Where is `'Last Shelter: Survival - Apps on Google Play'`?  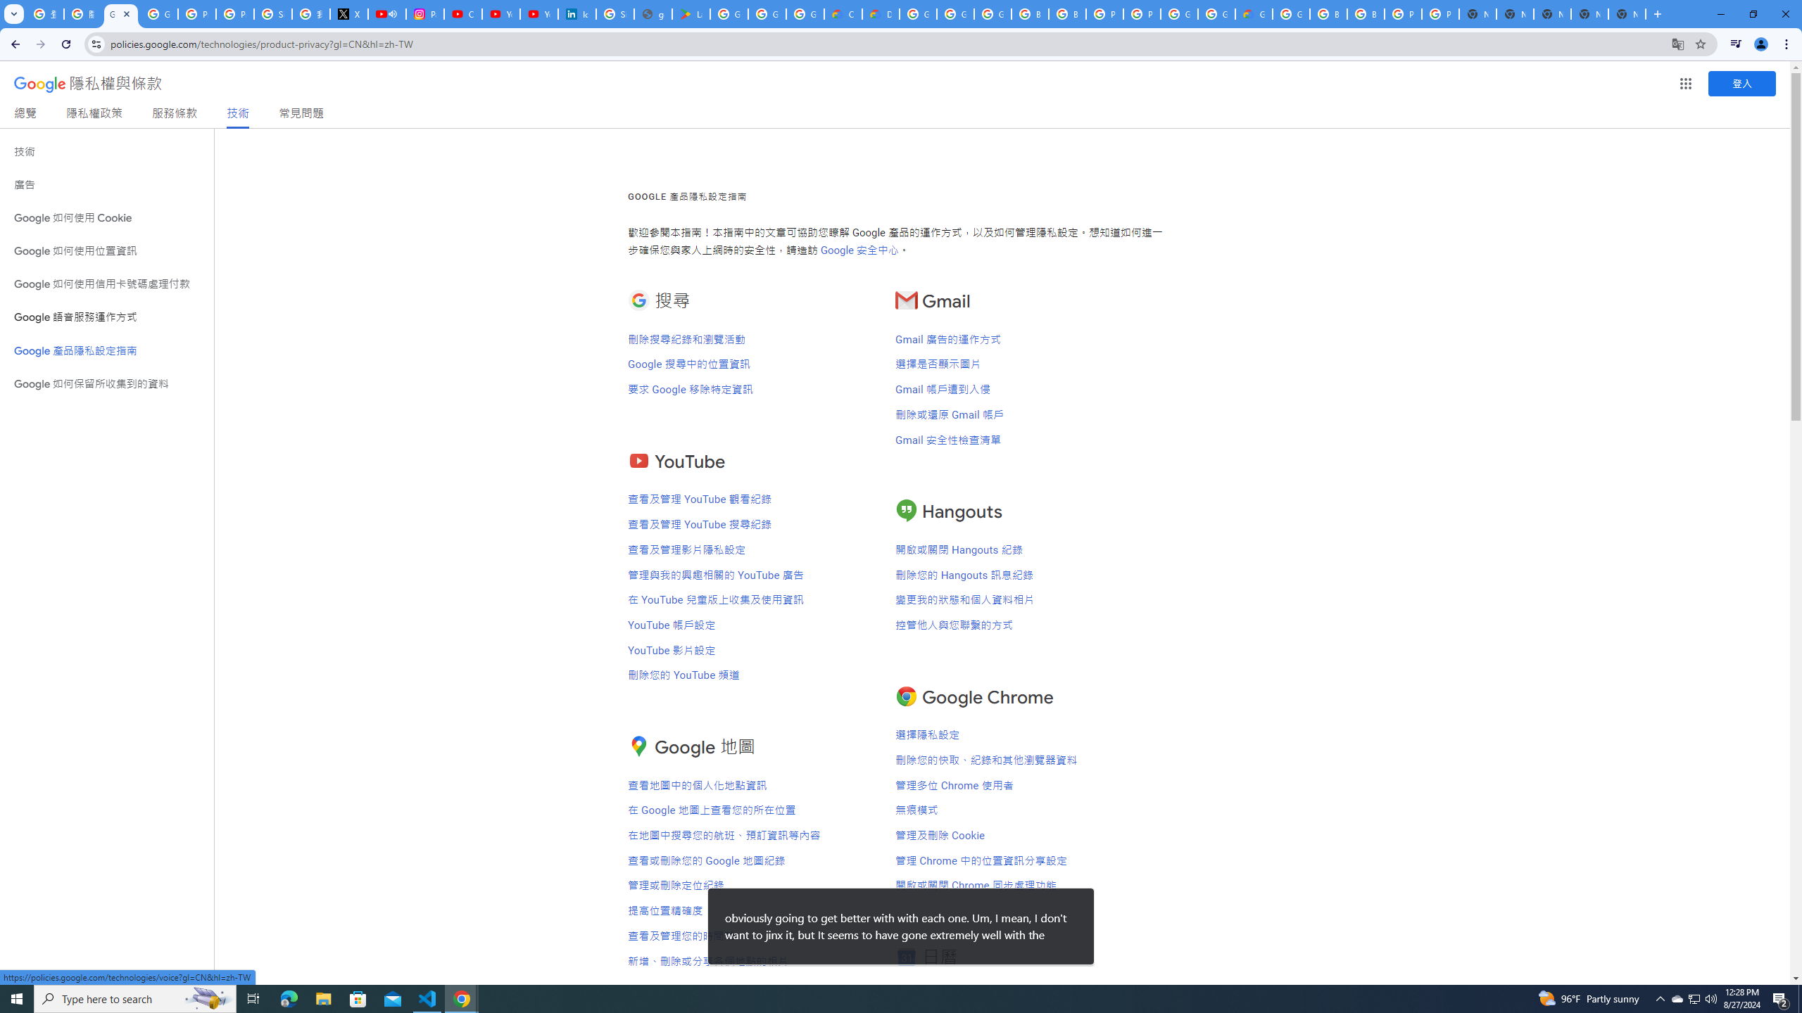
'Last Shelter: Survival - Apps on Google Play' is located at coordinates (691, 13).